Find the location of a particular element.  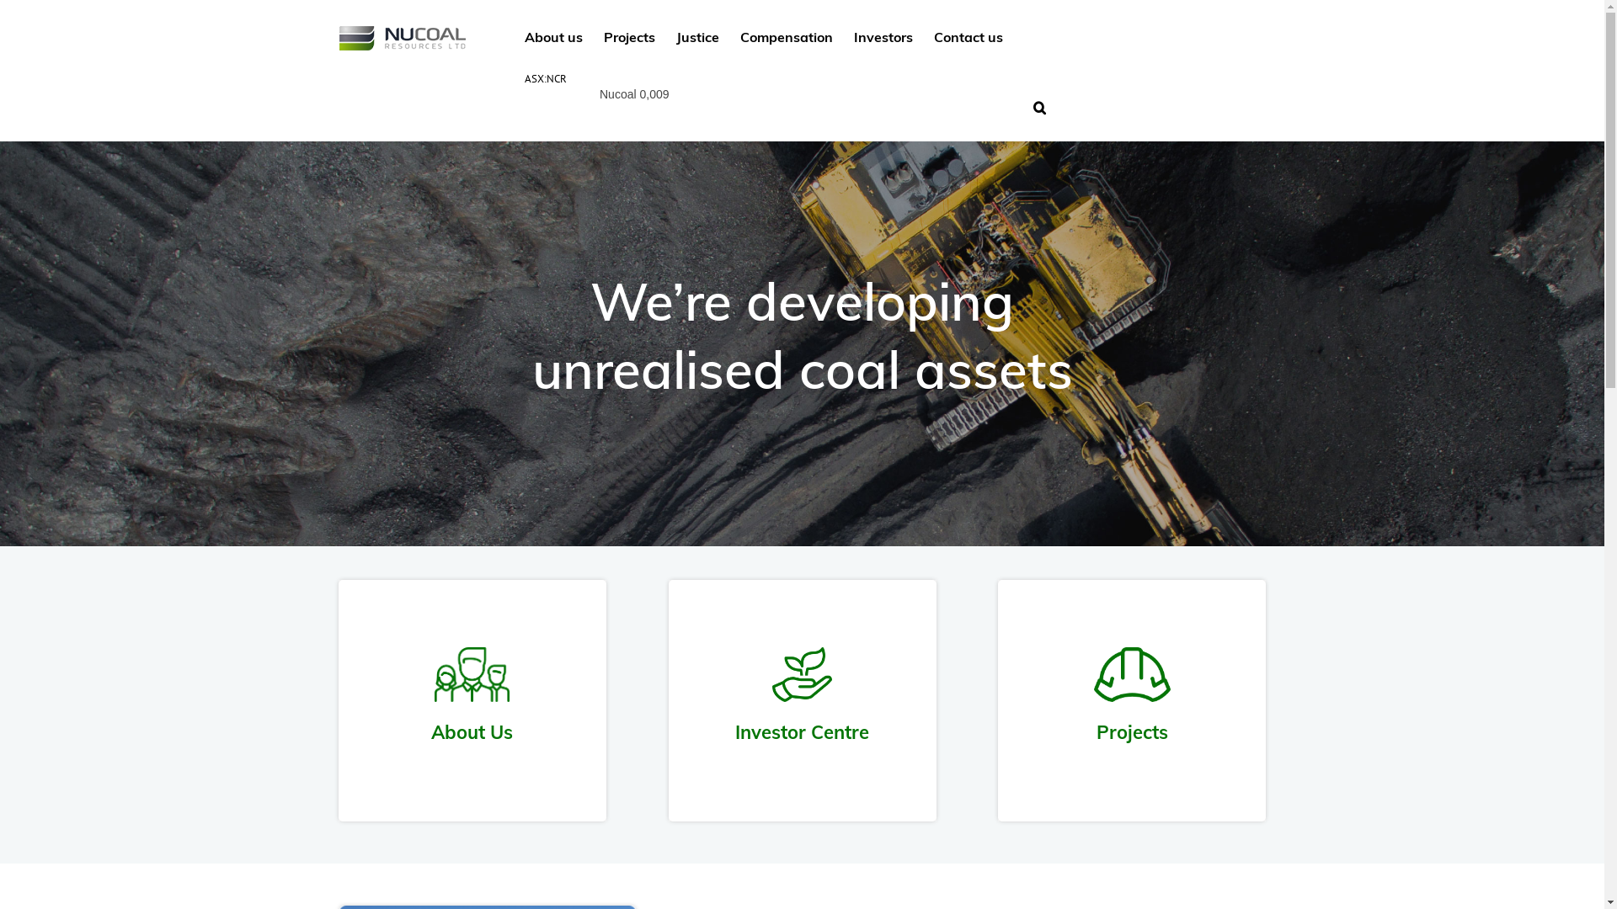

'Investors' is located at coordinates (883, 35).